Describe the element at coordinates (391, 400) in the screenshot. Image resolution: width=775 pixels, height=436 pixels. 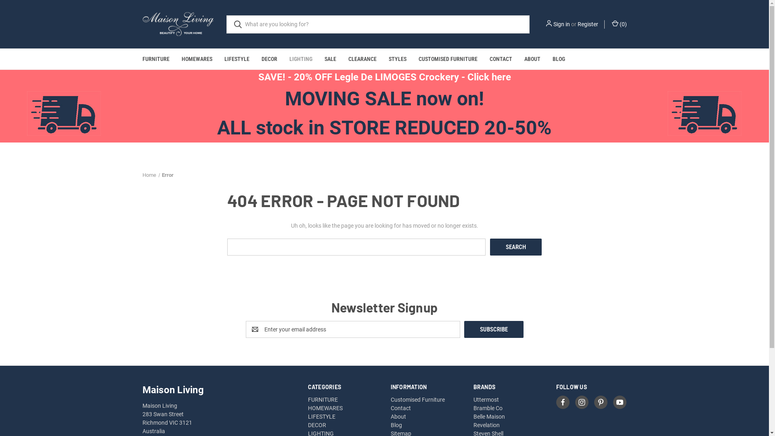
I see `'Customised Furniture'` at that location.